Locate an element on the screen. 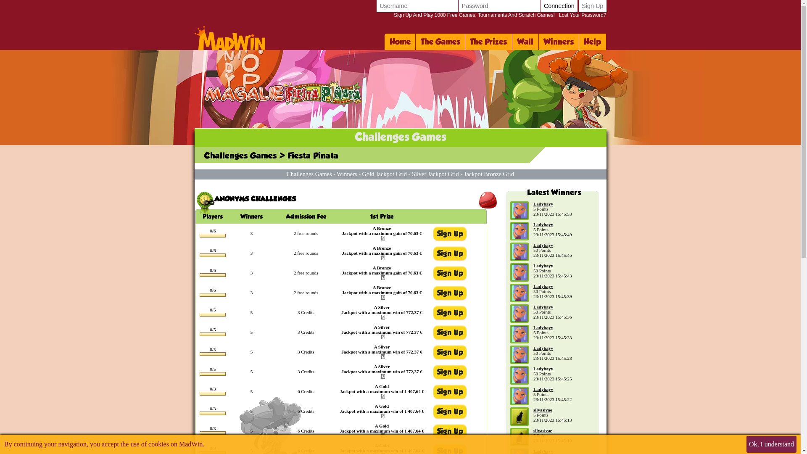 This screenshot has height=454, width=807. 'silvasivae' is located at coordinates (543, 430).